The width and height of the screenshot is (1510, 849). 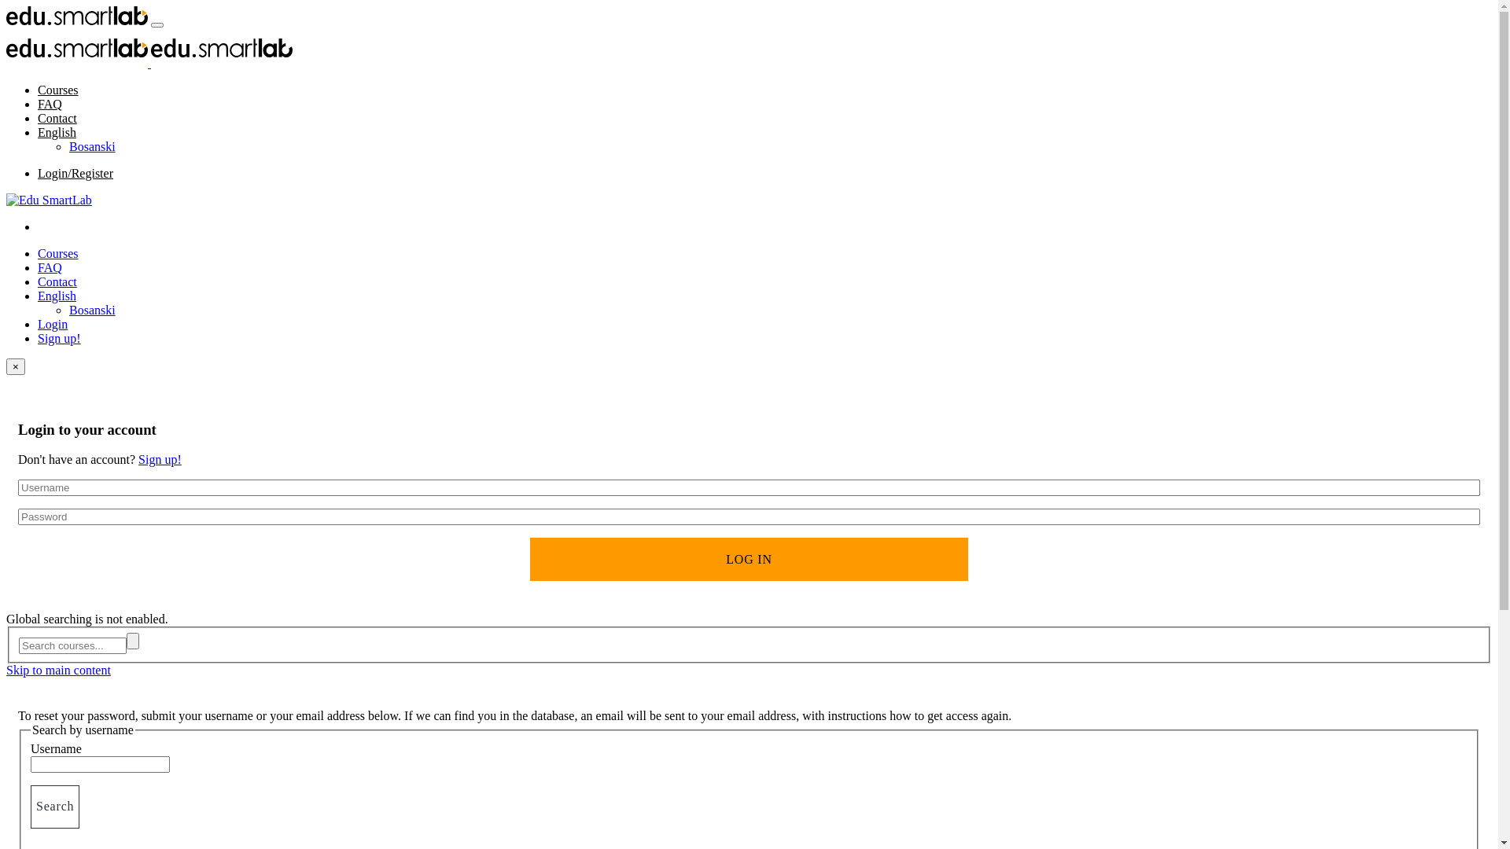 I want to click on 'English', so click(x=57, y=296).